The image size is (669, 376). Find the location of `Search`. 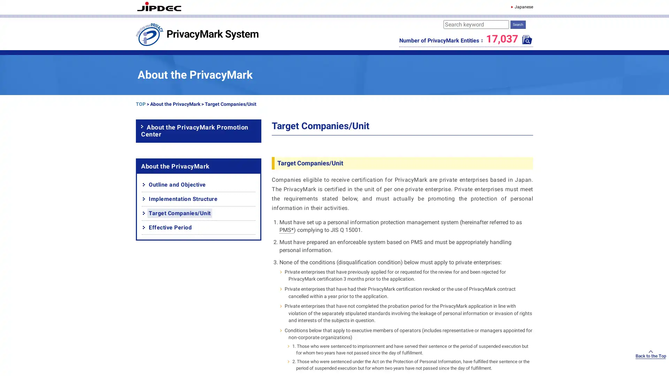

Search is located at coordinates (518, 24).